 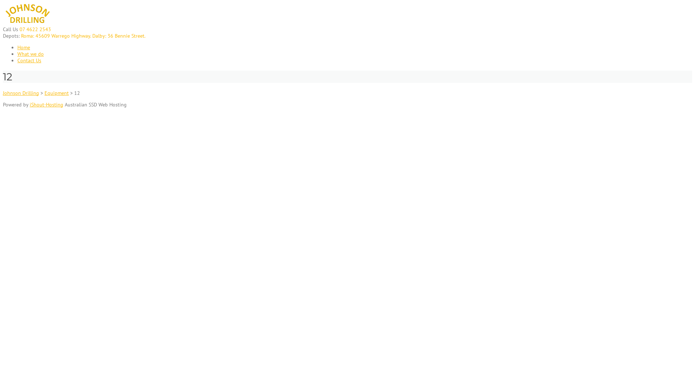 I want to click on 'Home', so click(x=24, y=47).